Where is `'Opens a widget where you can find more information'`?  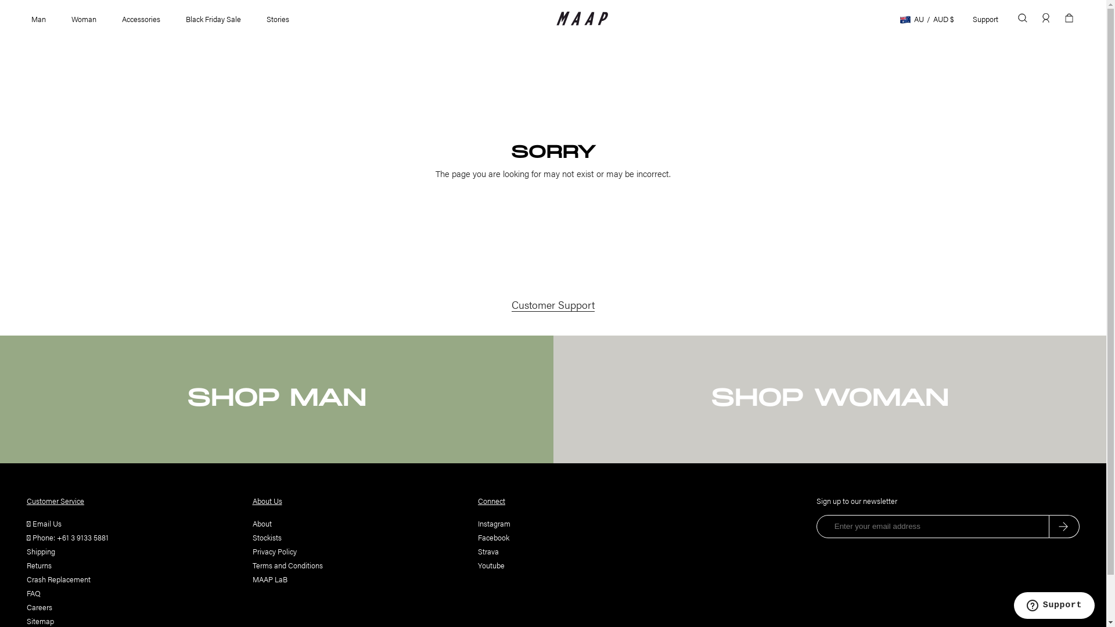 'Opens a widget where you can find more information' is located at coordinates (1053, 606).